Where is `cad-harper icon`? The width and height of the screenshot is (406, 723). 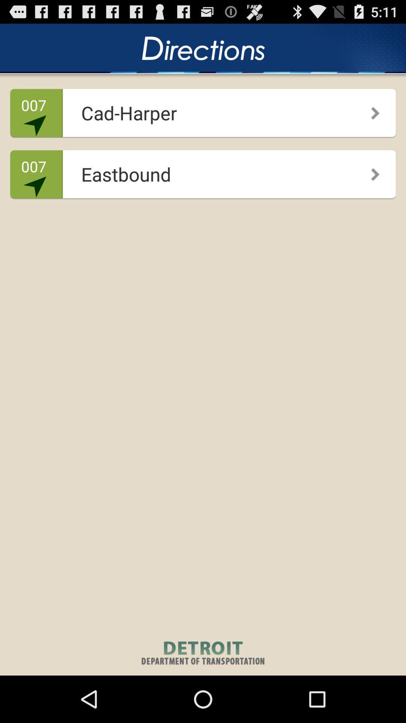 cad-harper icon is located at coordinates (200, 110).